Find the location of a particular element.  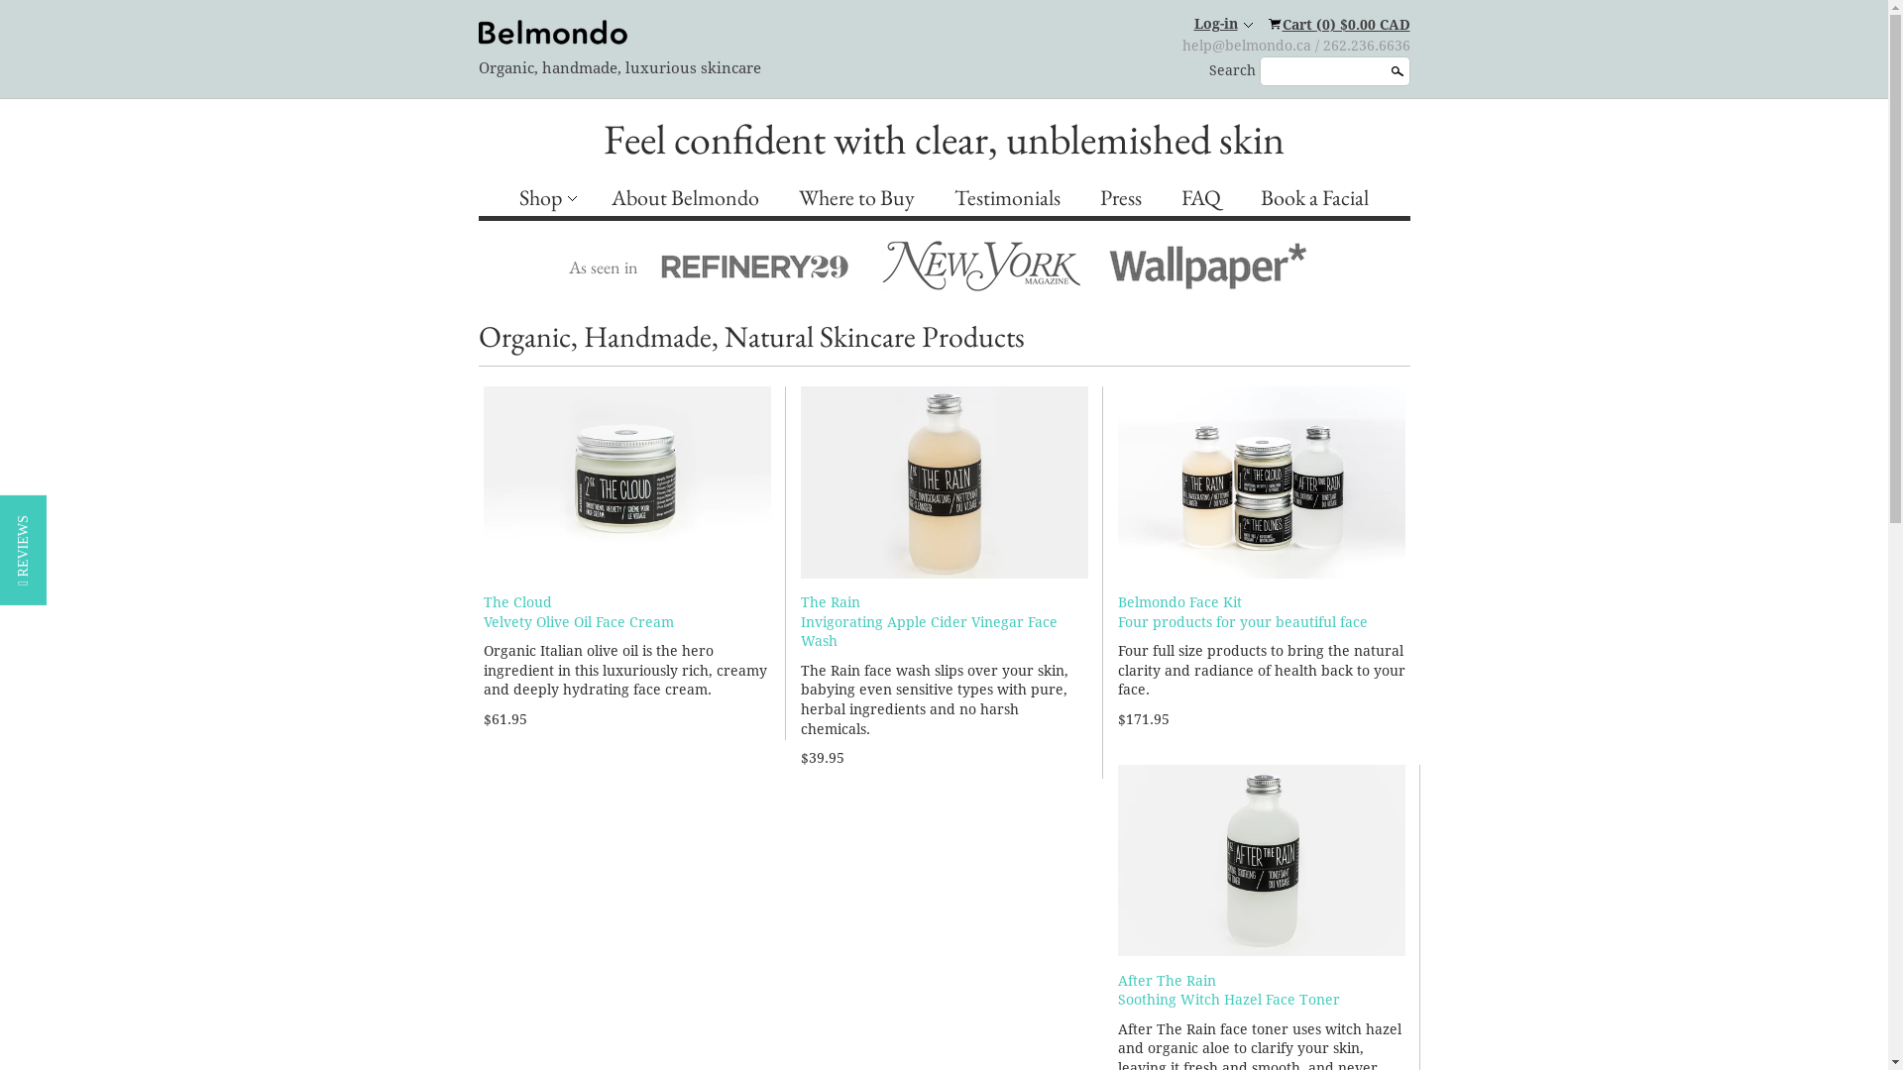

'Where to Buy' is located at coordinates (856, 198).